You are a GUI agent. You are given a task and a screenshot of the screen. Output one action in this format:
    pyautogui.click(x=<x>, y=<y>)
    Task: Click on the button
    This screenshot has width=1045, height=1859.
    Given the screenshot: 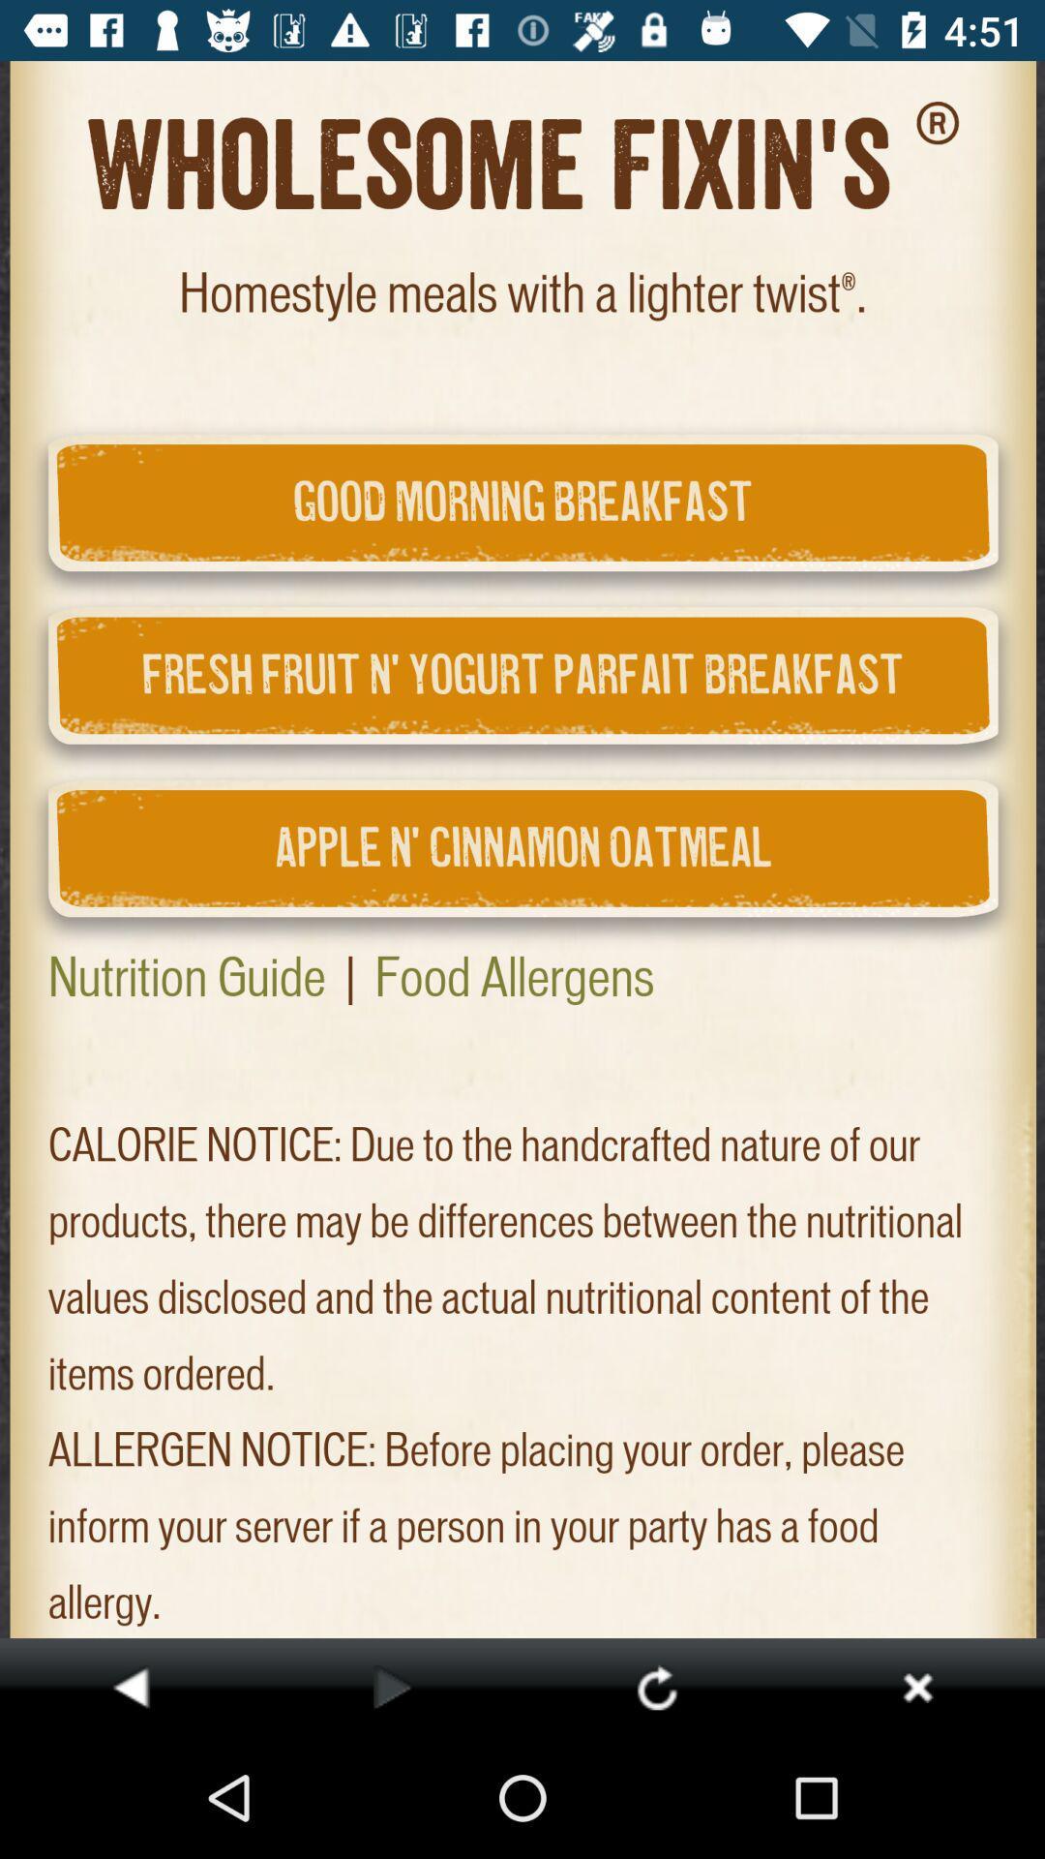 What is the action you would take?
    pyautogui.click(x=916, y=1686)
    